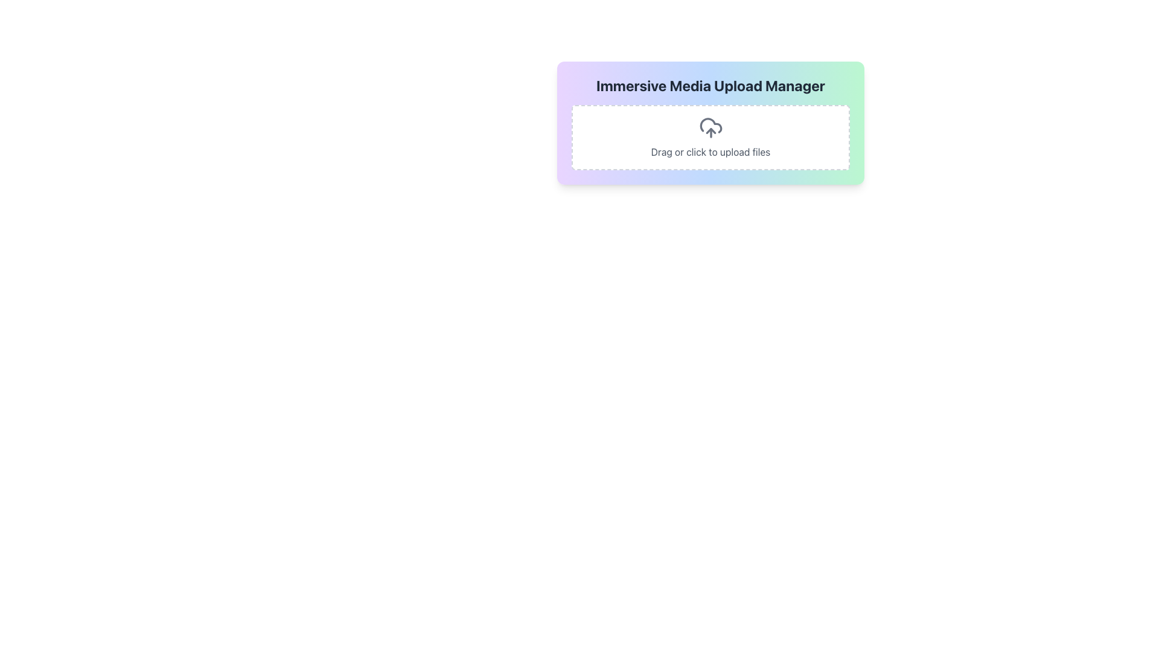 The image size is (1159, 652). I want to click on the File Upload Area, which features a gray cloud icon and the text 'Drag or click to upload files', so click(710, 136).